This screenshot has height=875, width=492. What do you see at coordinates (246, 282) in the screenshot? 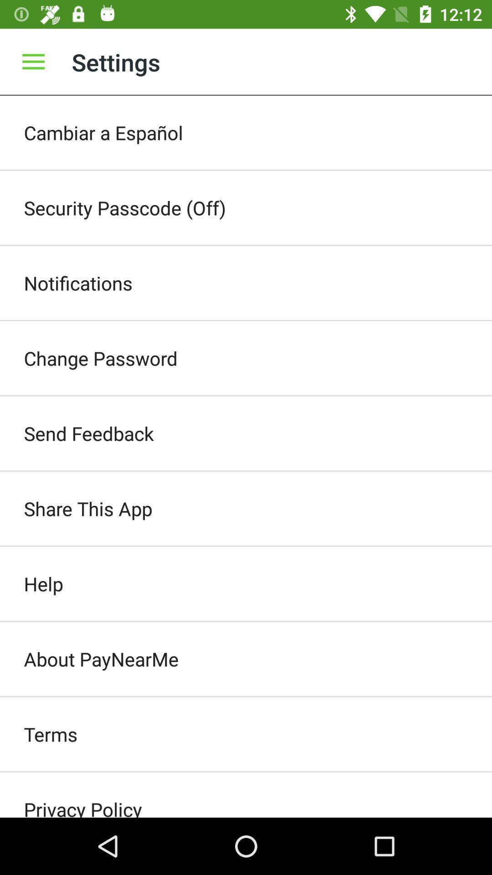
I see `the item below the security passcode (off) icon` at bounding box center [246, 282].